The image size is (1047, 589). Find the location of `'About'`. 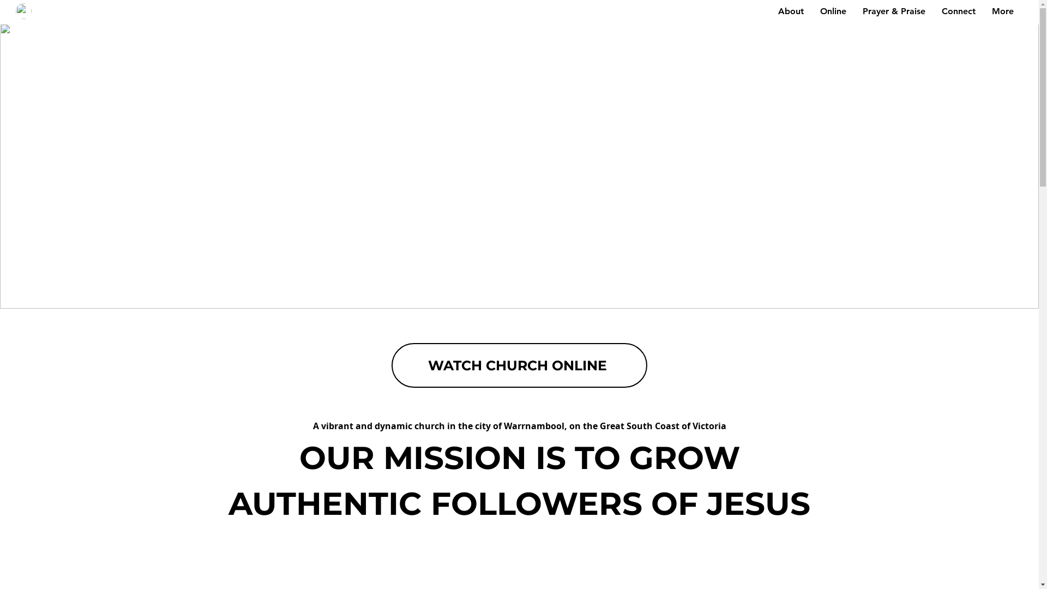

'About' is located at coordinates (769, 11).